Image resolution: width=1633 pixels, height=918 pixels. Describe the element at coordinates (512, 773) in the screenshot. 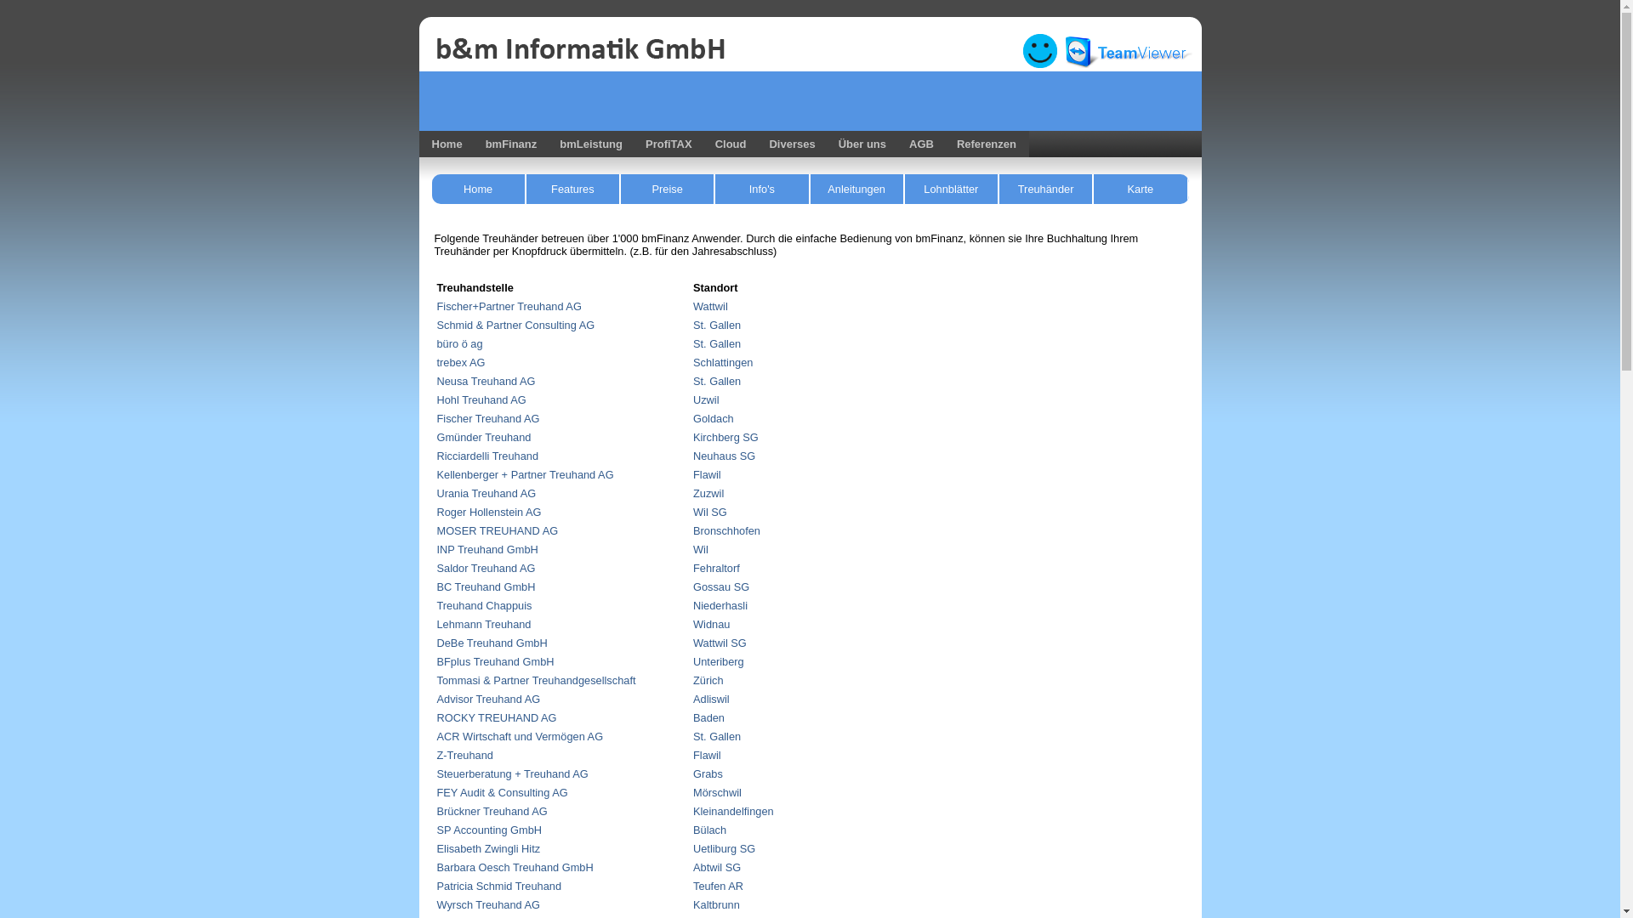

I see `'Steuerberatung + Treuhand AG'` at that location.